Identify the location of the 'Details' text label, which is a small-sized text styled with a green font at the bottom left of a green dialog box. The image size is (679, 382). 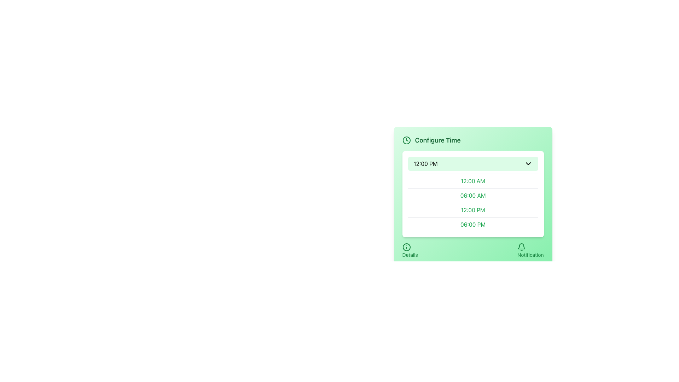
(410, 255).